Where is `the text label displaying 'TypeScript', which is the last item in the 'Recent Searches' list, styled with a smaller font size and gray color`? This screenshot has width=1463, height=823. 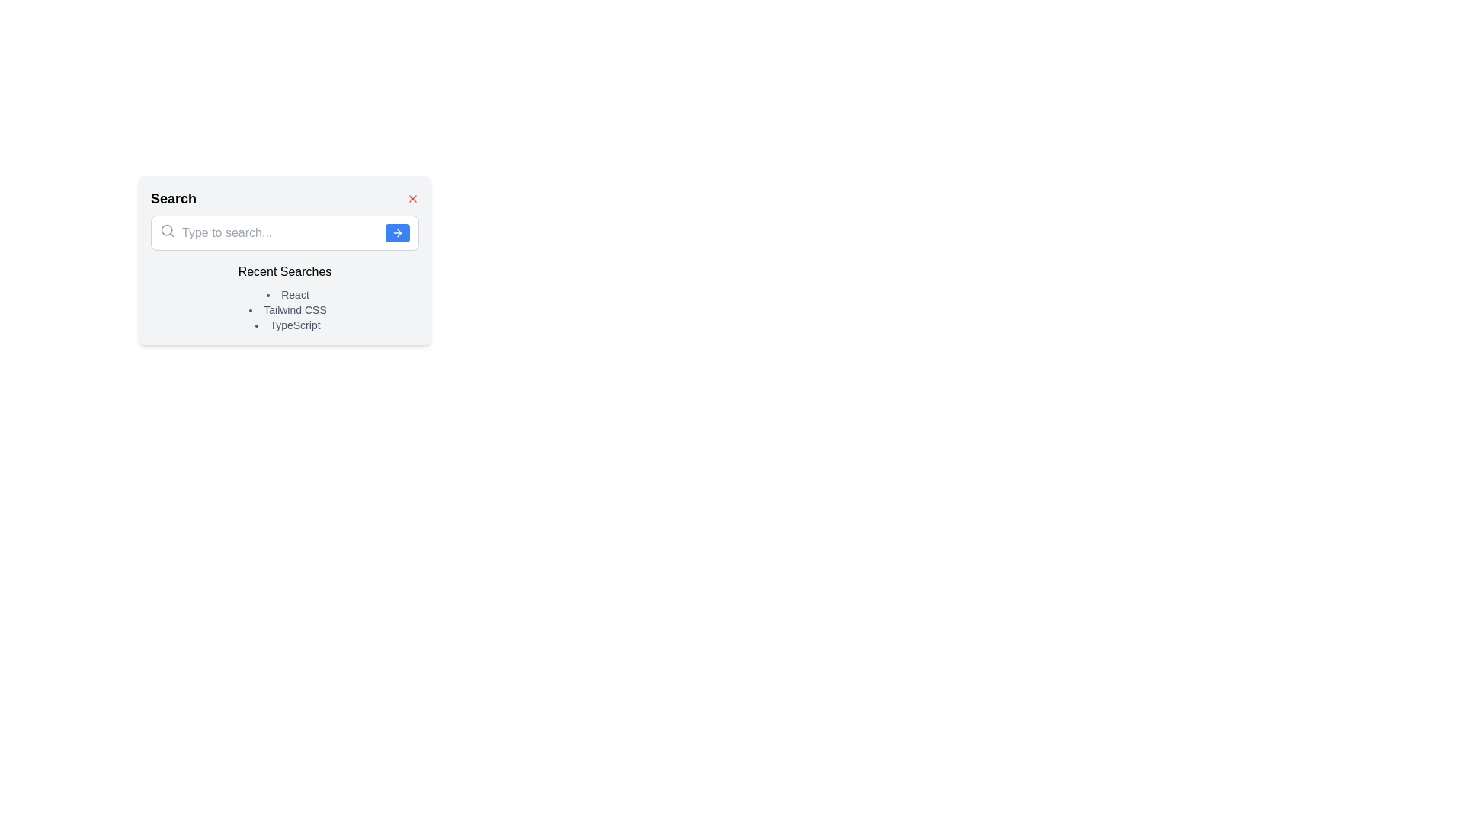 the text label displaying 'TypeScript', which is the last item in the 'Recent Searches' list, styled with a smaller font size and gray color is located at coordinates (288, 325).